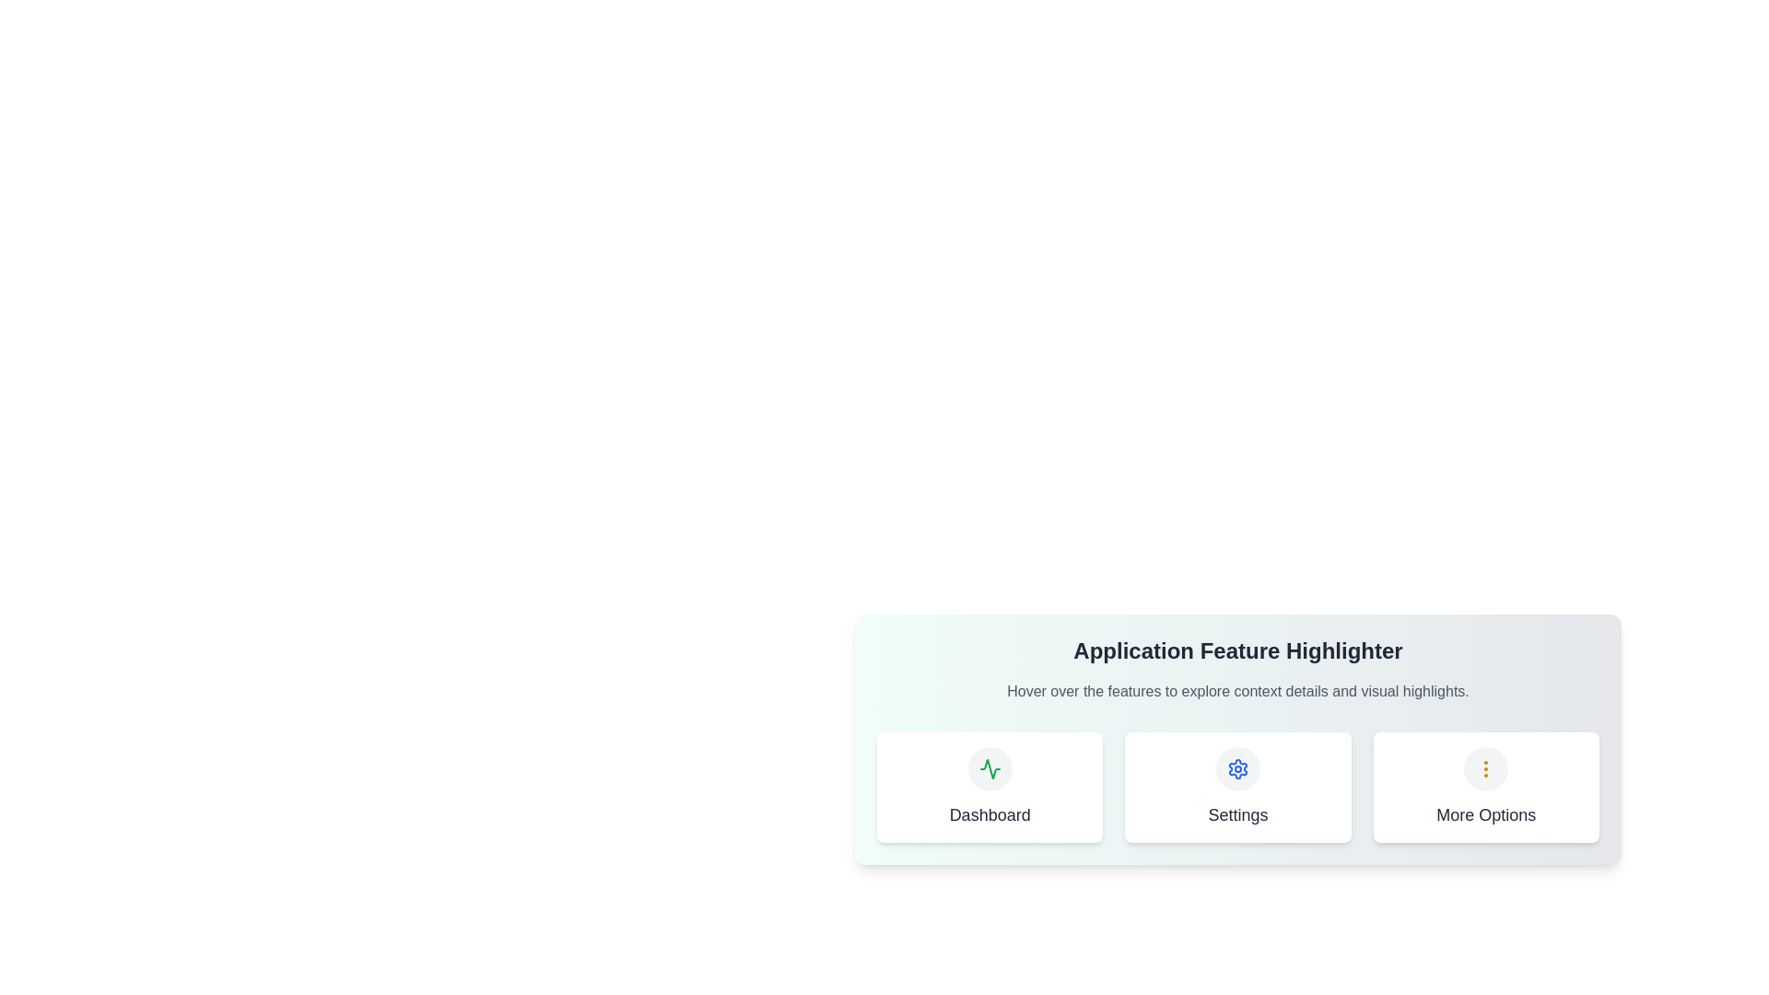  What do you see at coordinates (1238, 765) in the screenshot?
I see `the individual sections of the Informational panel with interactive sections located near the bottom-center of the interface` at bounding box center [1238, 765].